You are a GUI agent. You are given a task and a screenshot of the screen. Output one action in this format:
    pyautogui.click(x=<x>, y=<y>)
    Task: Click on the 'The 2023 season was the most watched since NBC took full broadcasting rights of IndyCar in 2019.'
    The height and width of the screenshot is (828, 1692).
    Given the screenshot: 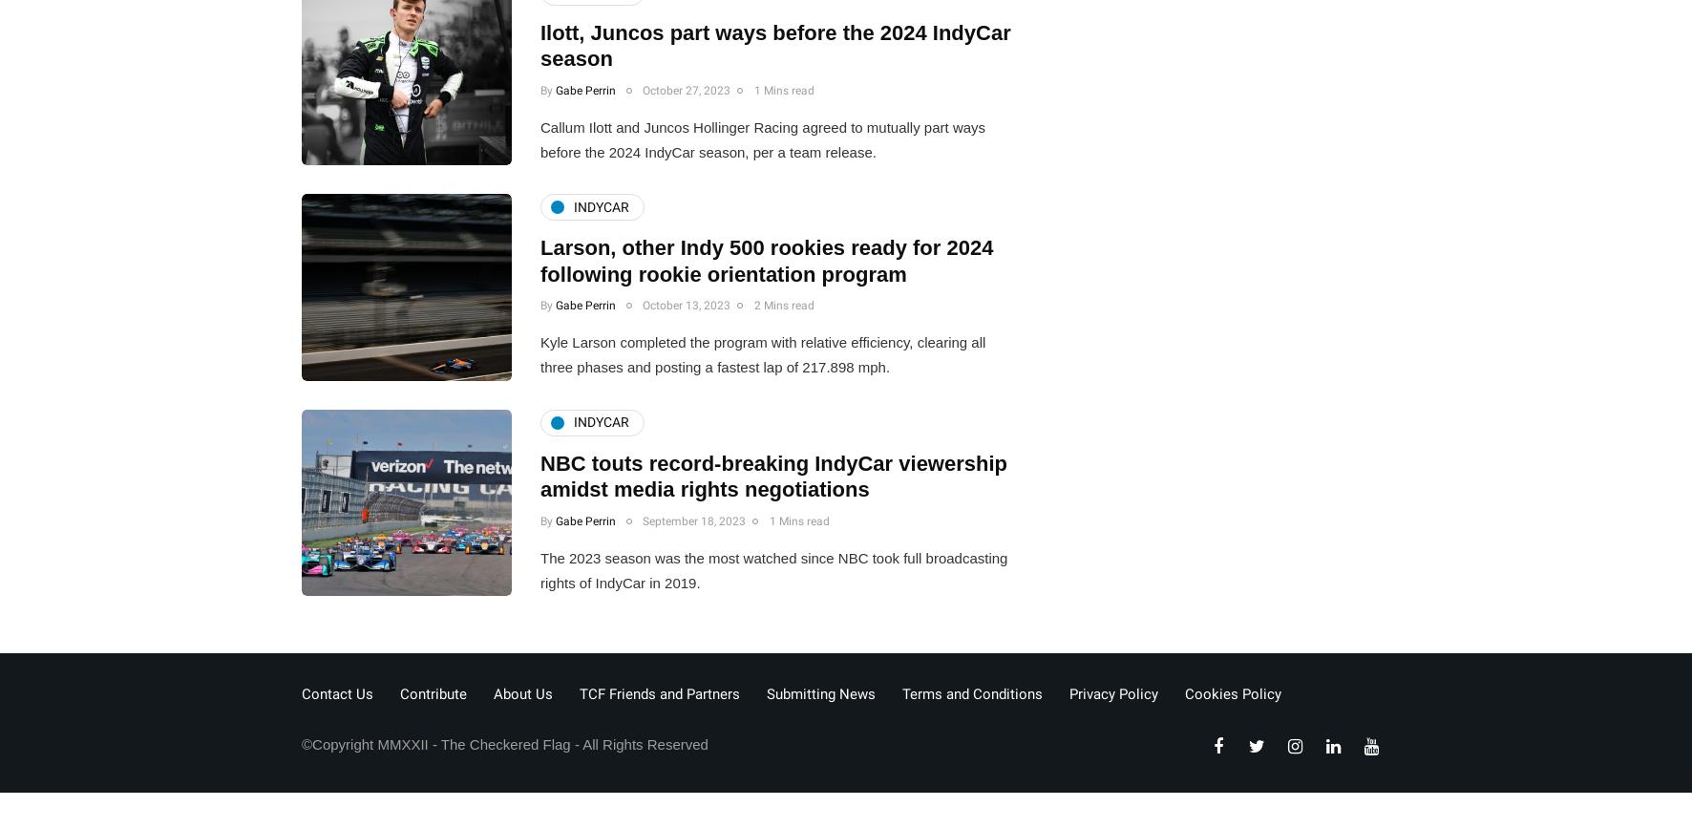 What is the action you would take?
    pyautogui.click(x=773, y=568)
    